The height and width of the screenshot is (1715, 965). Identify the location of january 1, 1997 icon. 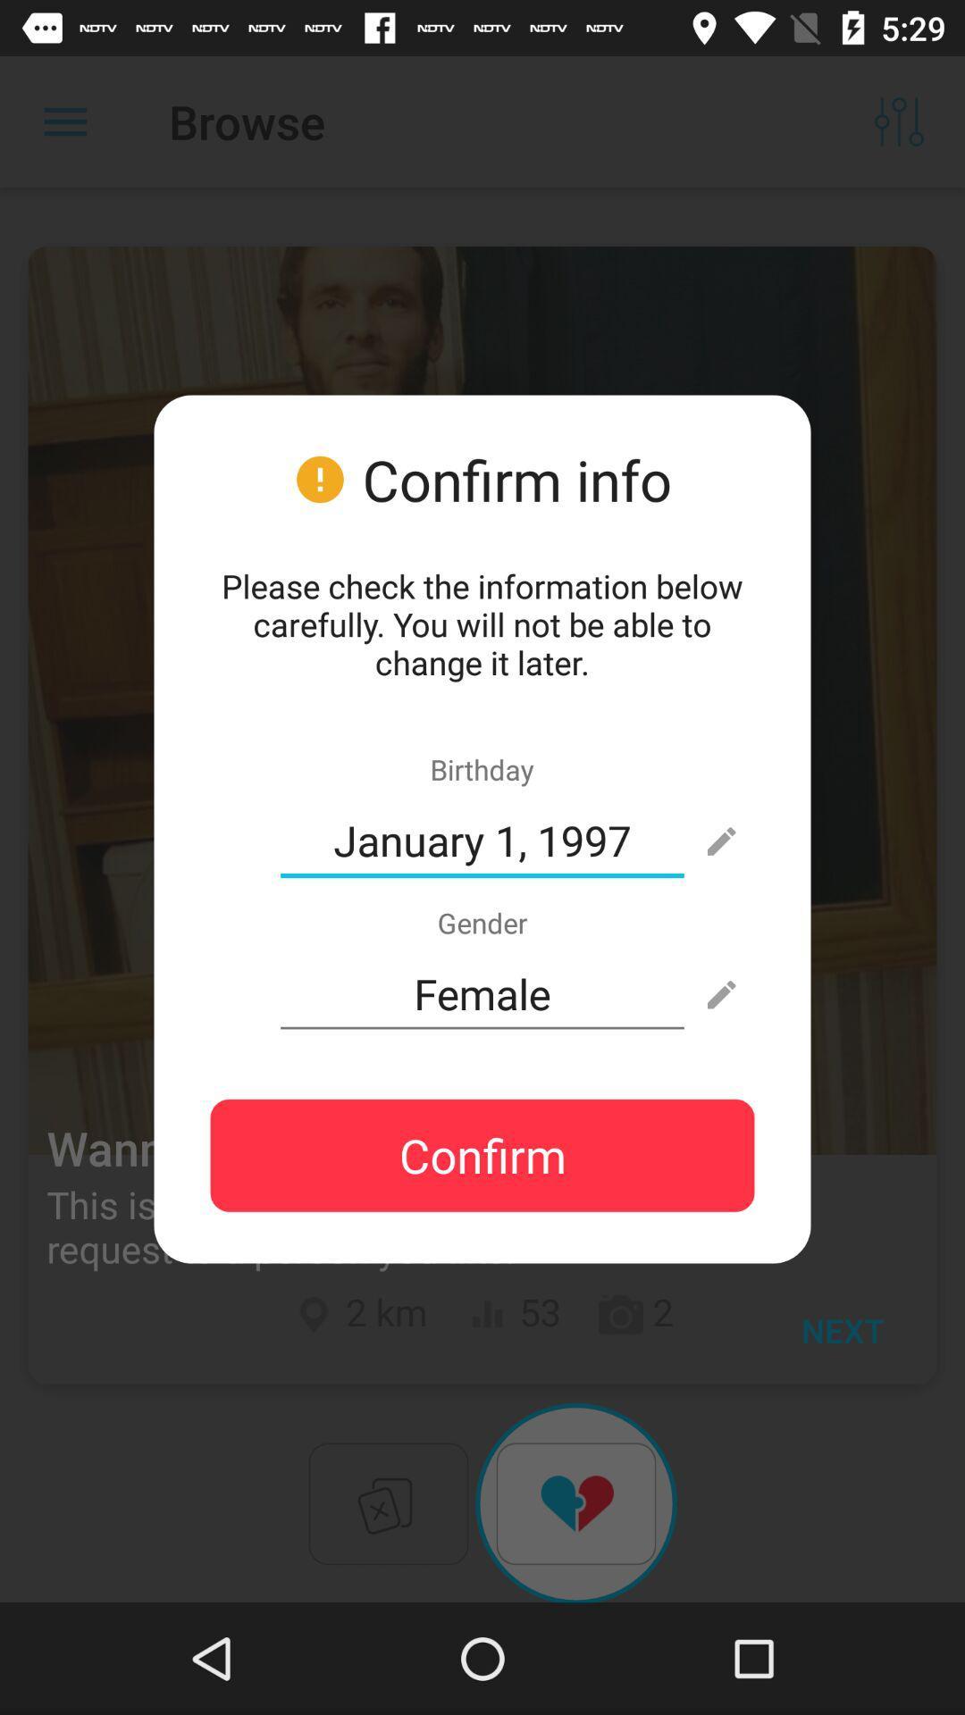
(482, 840).